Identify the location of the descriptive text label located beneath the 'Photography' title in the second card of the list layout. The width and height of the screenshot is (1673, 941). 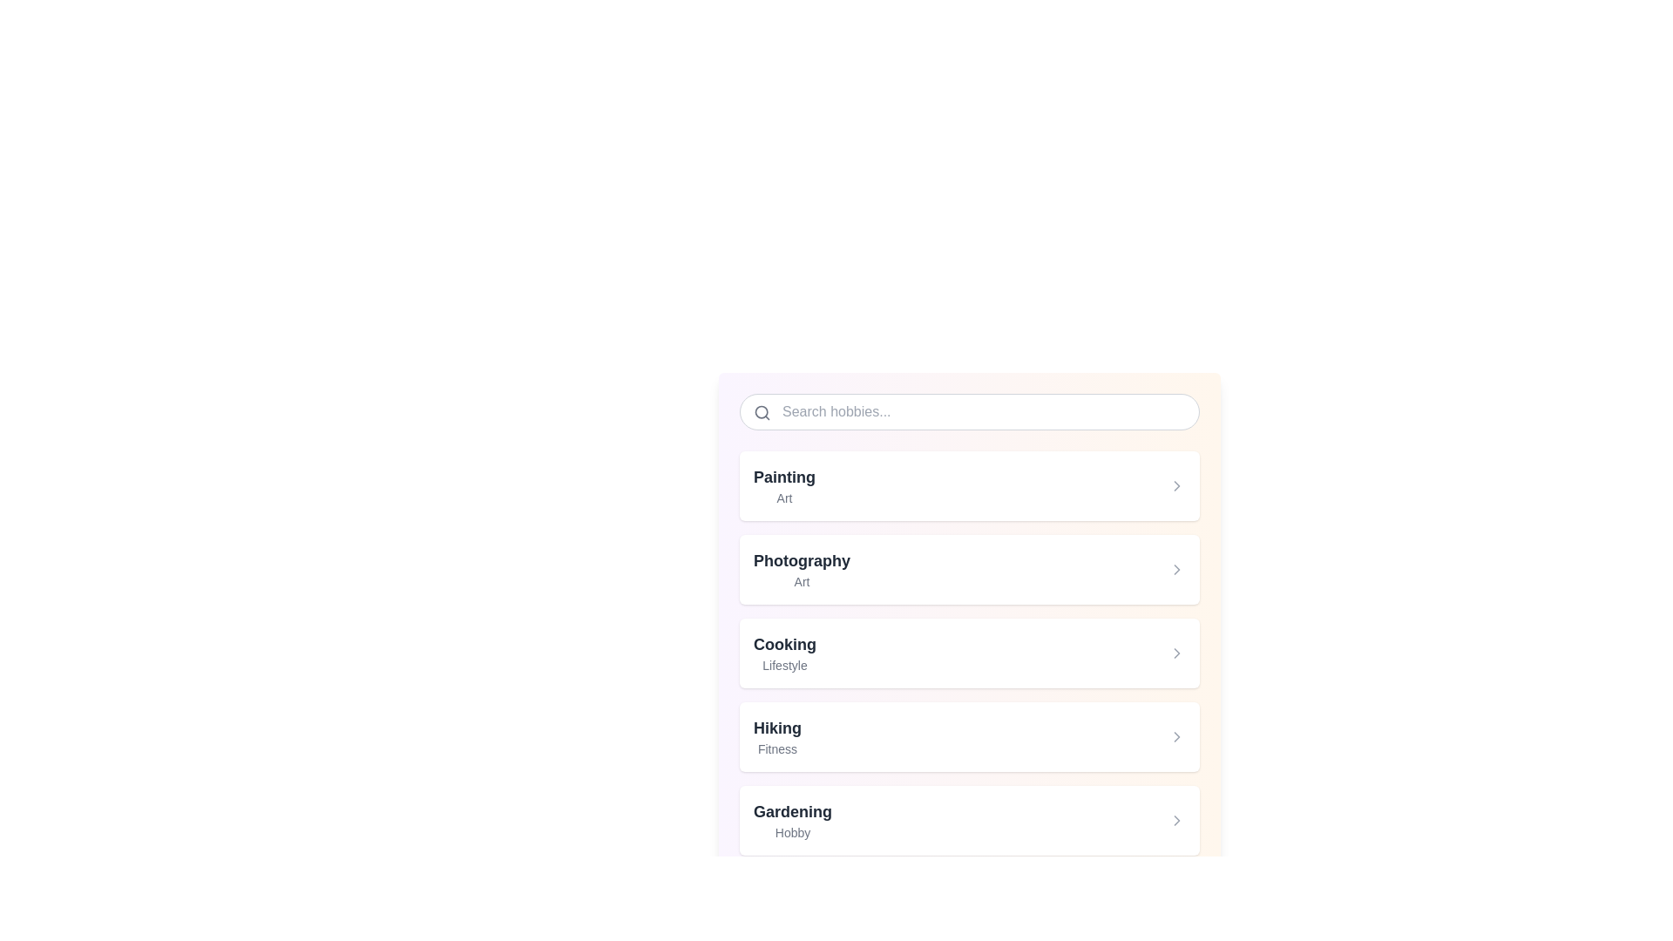
(801, 581).